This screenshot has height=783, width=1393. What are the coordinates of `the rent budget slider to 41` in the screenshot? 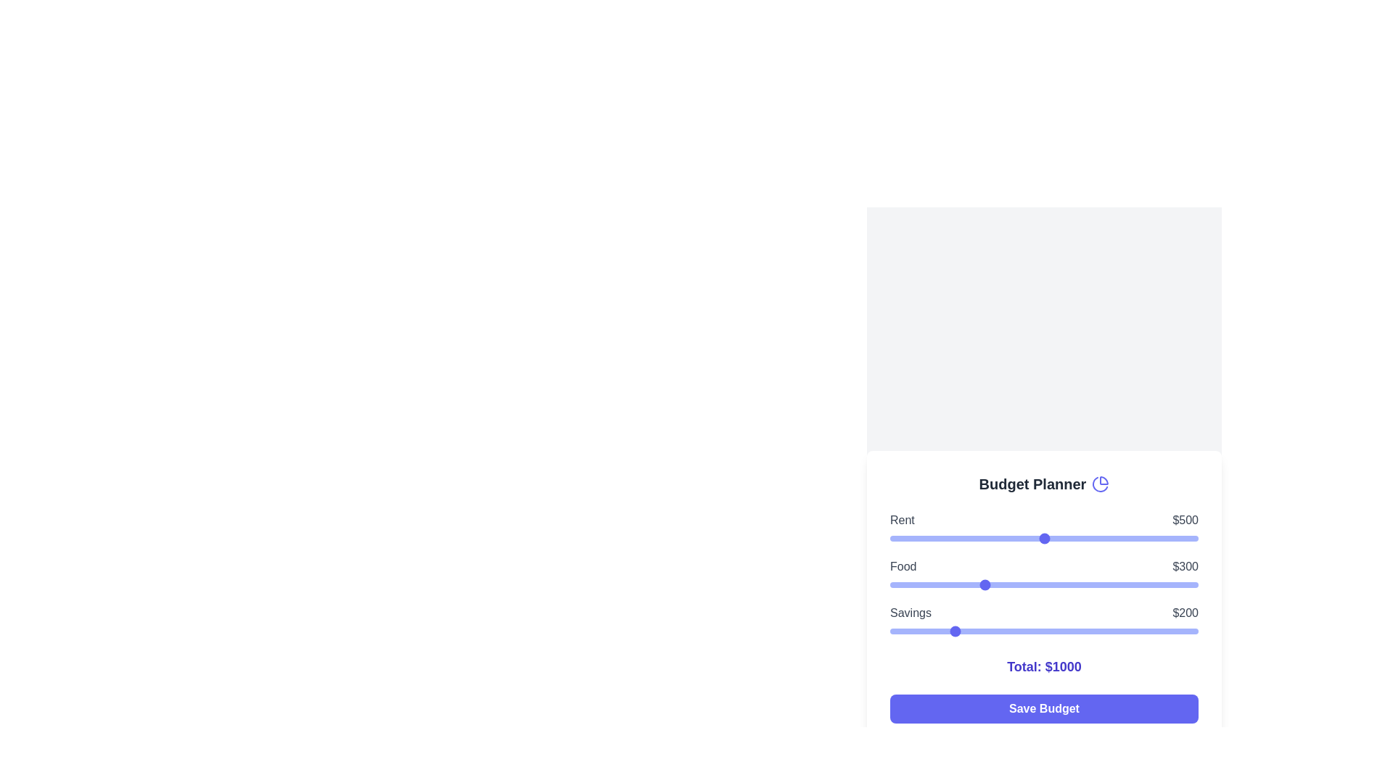 It's located at (902, 539).